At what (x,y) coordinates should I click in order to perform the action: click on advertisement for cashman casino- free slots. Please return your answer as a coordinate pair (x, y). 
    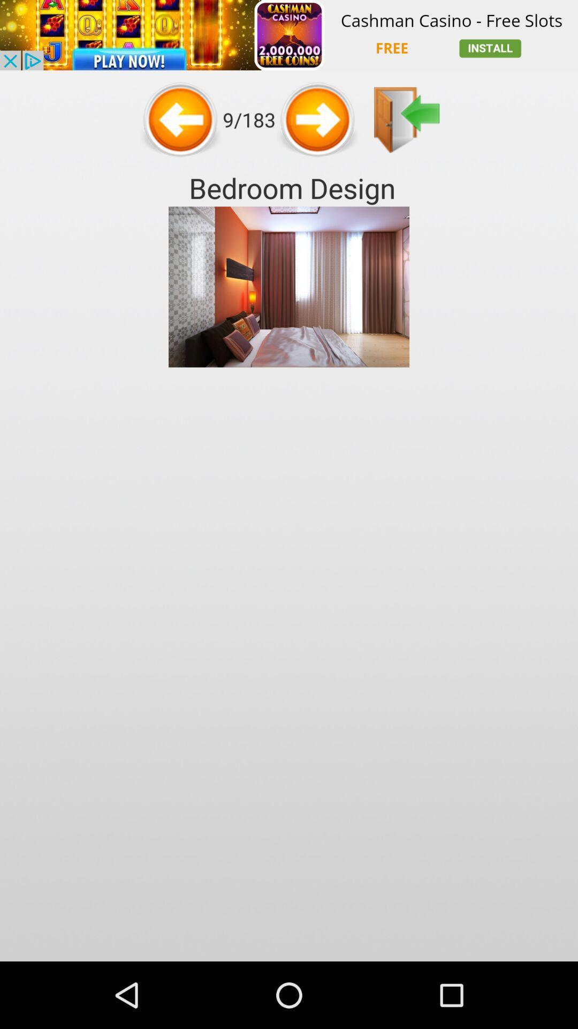
    Looking at the image, I should click on (289, 35).